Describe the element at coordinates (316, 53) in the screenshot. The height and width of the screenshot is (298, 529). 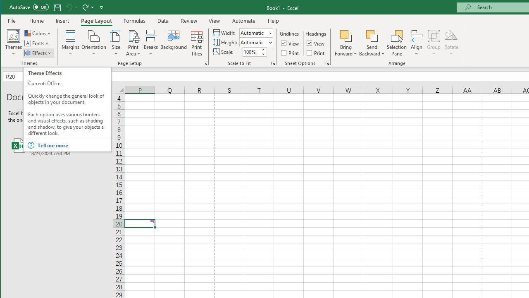
I see `'Print'` at that location.